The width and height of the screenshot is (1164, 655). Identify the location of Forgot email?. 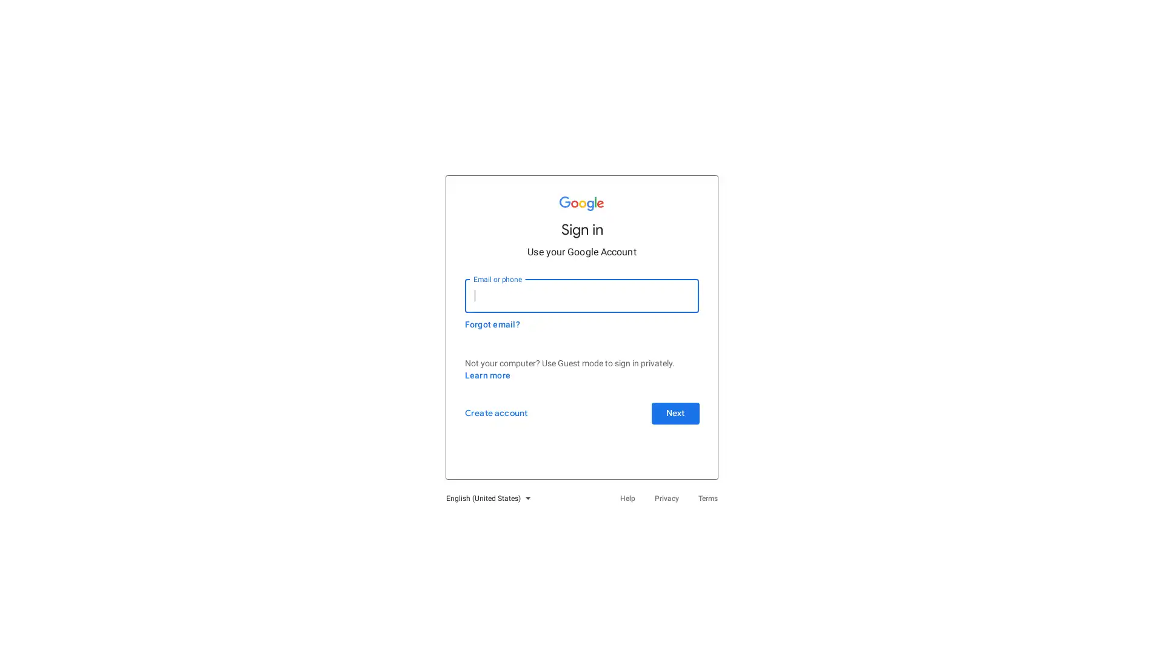
(498, 332).